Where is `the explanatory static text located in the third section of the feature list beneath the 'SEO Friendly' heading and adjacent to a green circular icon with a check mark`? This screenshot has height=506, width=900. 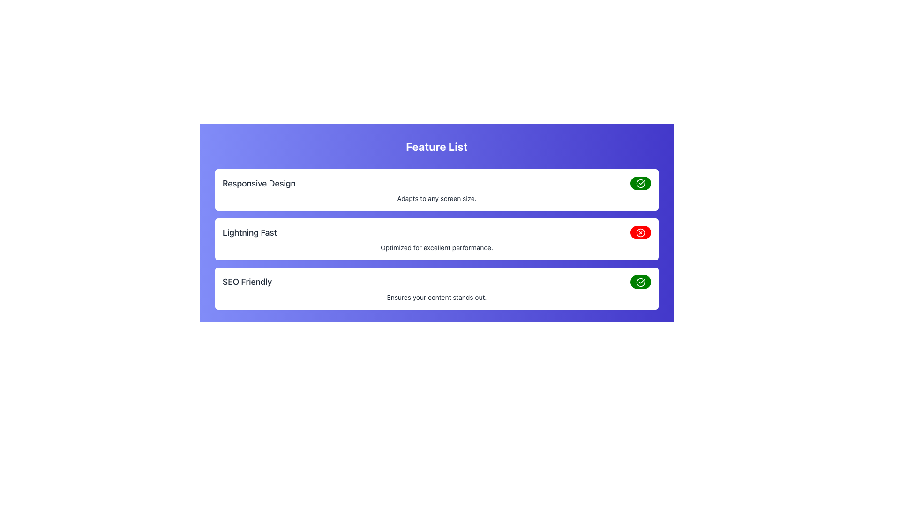 the explanatory static text located in the third section of the feature list beneath the 'SEO Friendly' heading and adjacent to a green circular icon with a check mark is located at coordinates (436, 297).